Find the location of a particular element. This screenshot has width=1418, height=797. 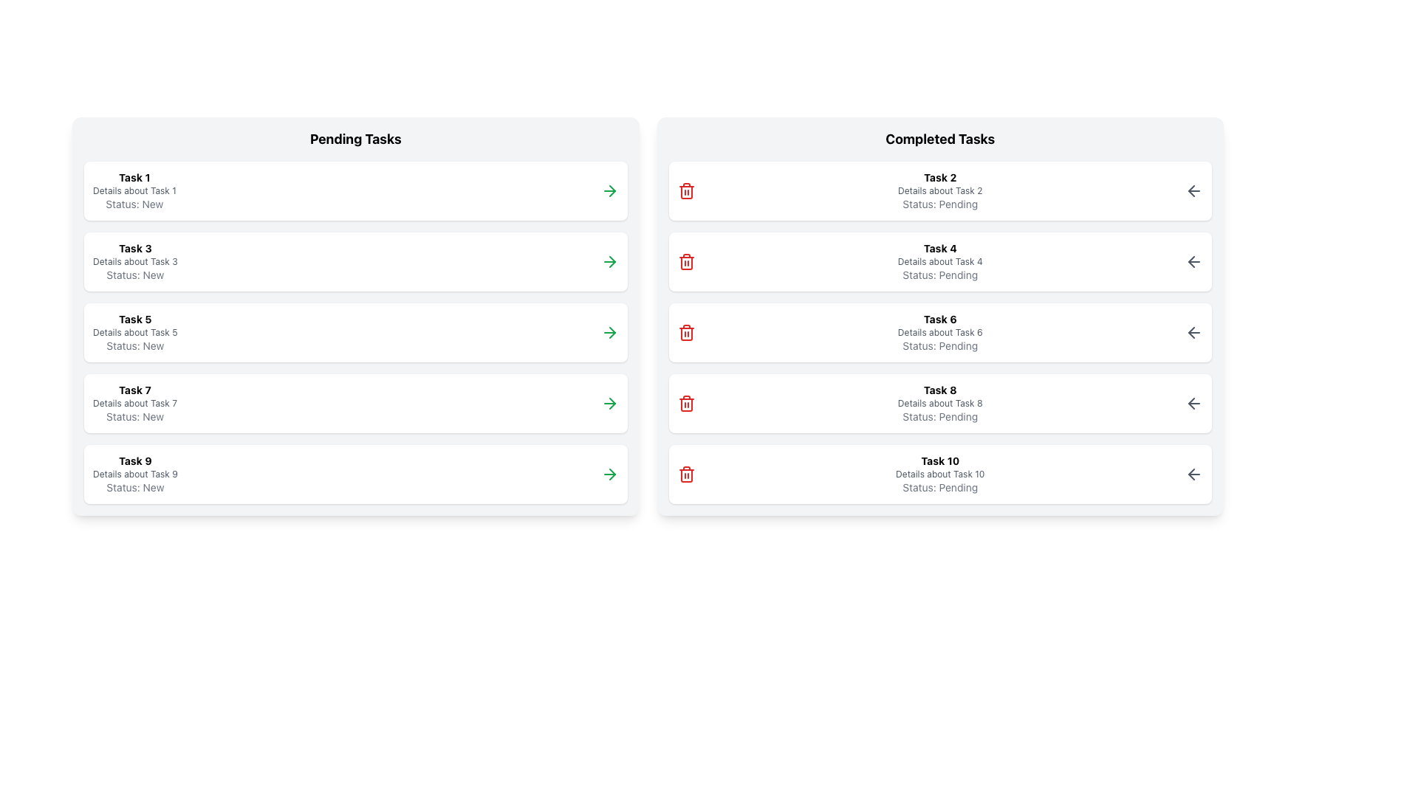

the trash bin icon located under the 'Completed Tasks' column next to 'Task 2' is located at coordinates (685, 404).